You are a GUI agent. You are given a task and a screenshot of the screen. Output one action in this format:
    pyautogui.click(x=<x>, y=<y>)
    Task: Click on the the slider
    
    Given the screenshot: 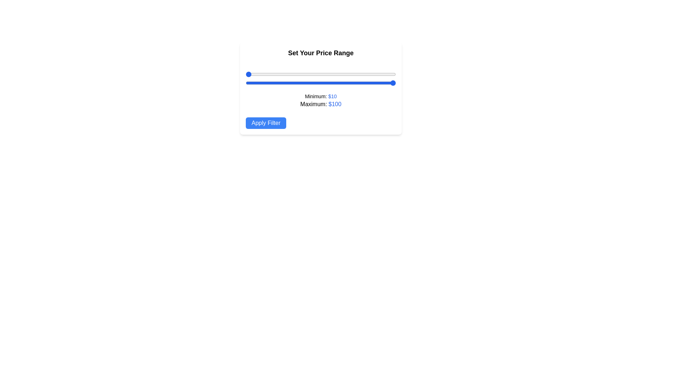 What is the action you would take?
    pyautogui.click(x=366, y=83)
    